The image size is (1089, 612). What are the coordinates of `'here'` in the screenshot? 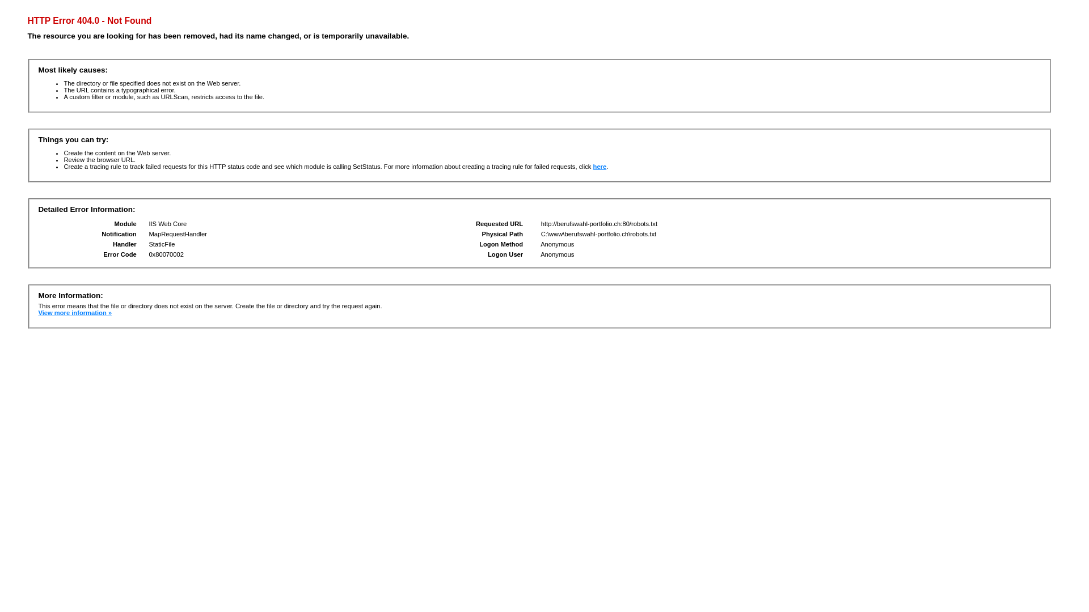 It's located at (599, 166).